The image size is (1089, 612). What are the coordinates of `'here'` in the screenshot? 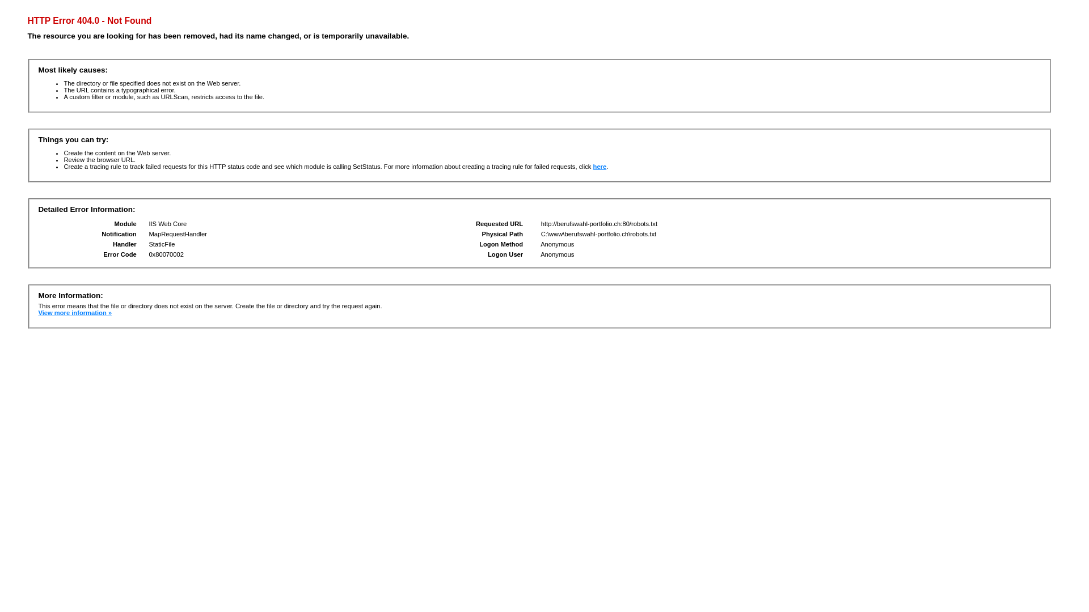 It's located at (599, 166).